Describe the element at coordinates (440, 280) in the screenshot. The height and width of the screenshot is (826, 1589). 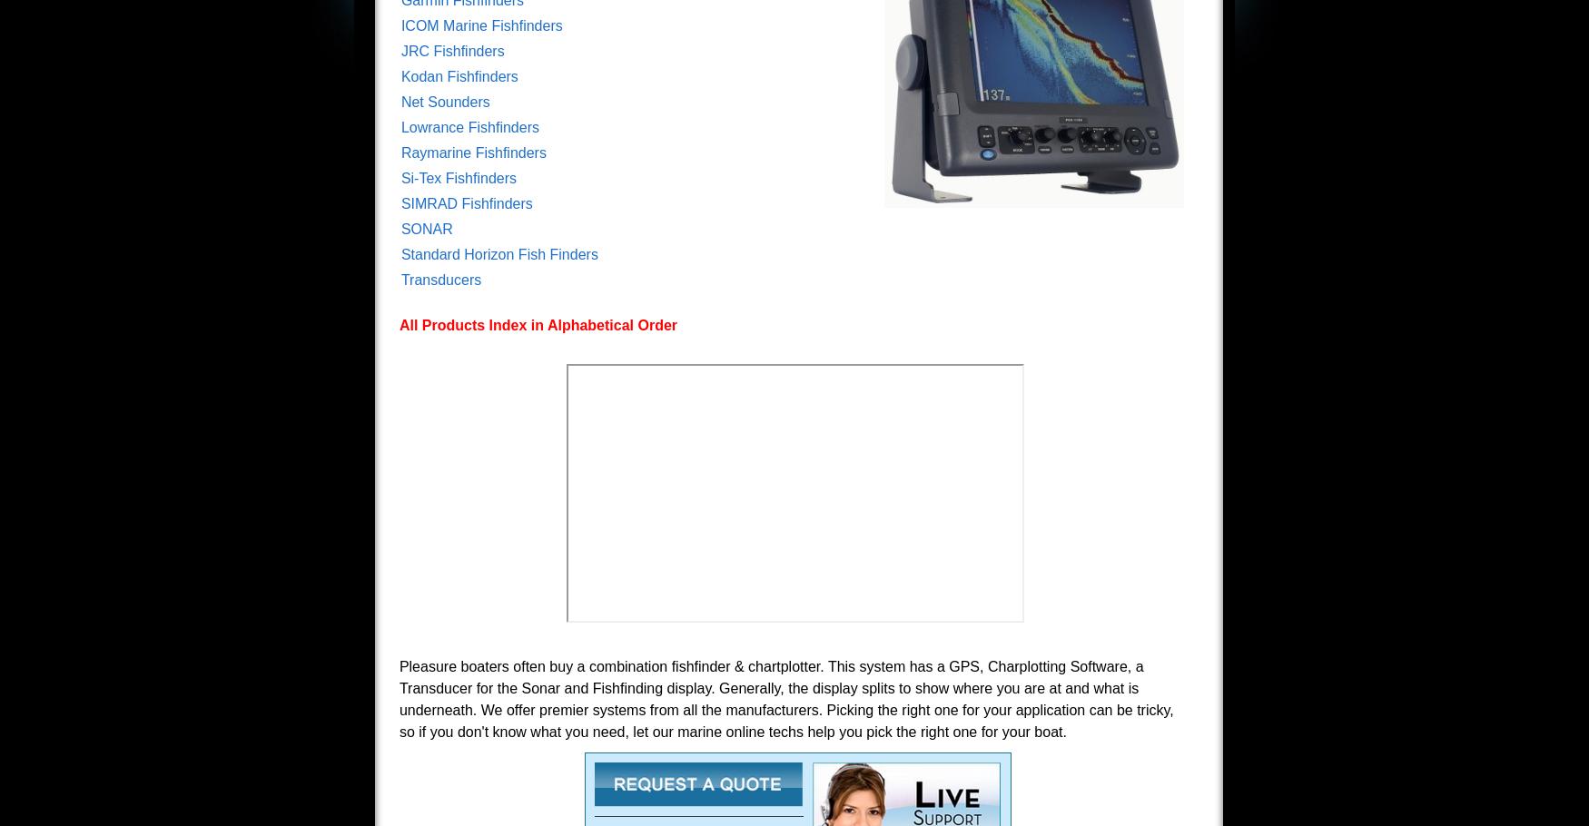
I see `'Transducers'` at that location.